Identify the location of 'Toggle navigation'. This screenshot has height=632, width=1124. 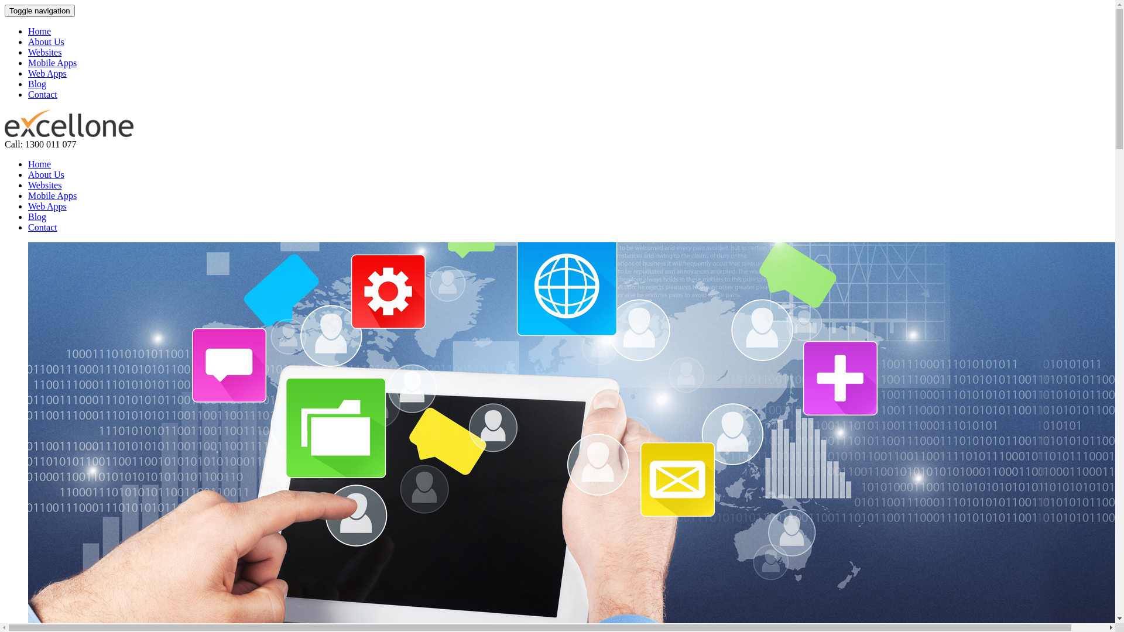
(39, 11).